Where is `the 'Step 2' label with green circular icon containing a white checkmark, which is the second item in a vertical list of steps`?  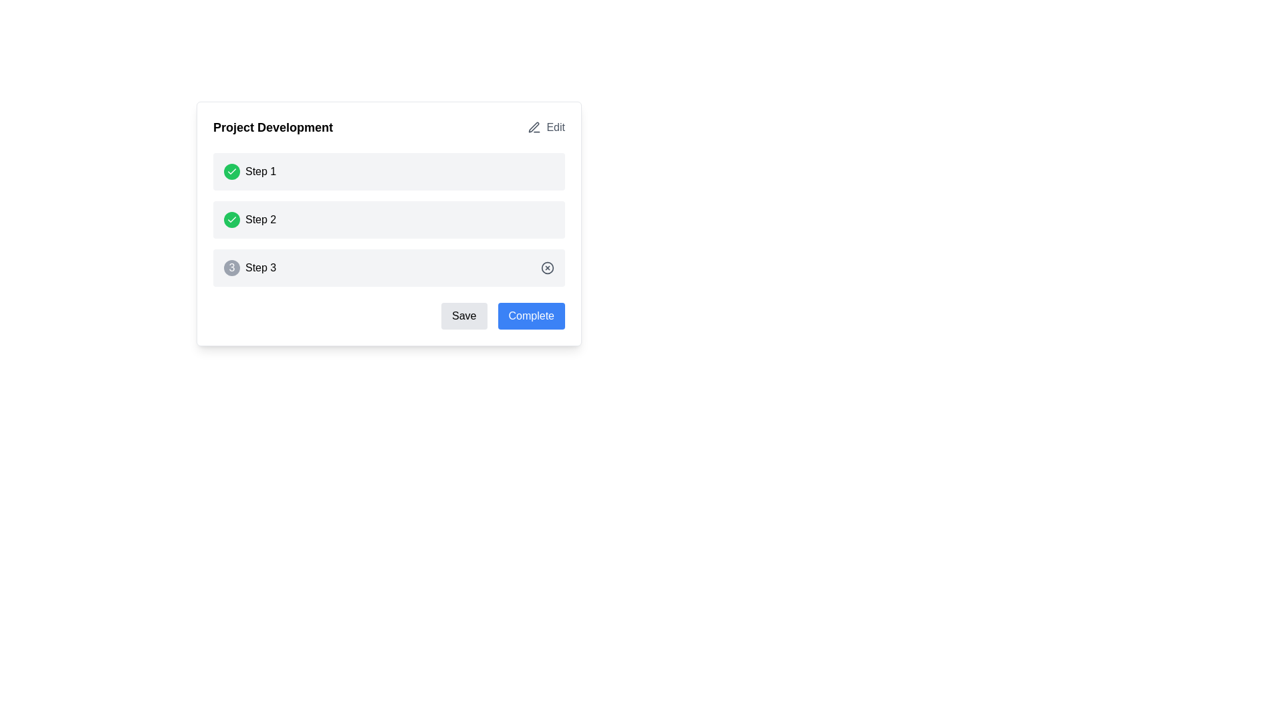
the 'Step 2' label with green circular icon containing a white checkmark, which is the second item in a vertical list of steps is located at coordinates (250, 219).